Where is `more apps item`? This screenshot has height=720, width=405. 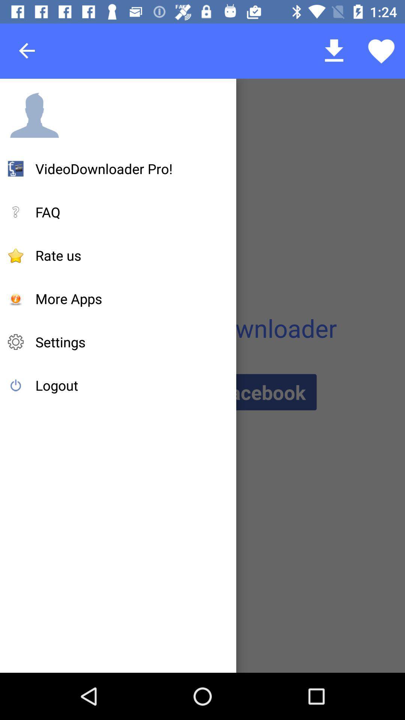 more apps item is located at coordinates (69, 298).